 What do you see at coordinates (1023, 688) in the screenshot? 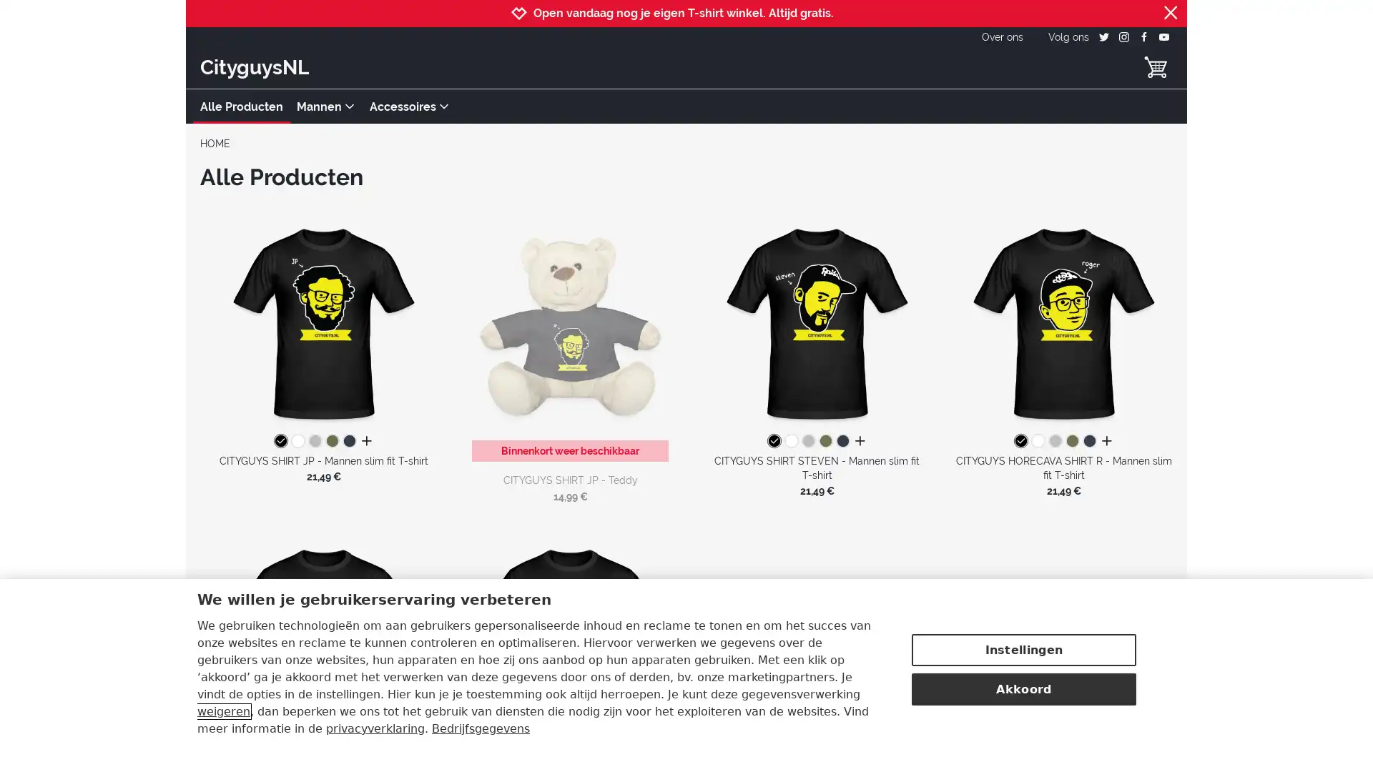
I see `Akkoord` at bounding box center [1023, 688].